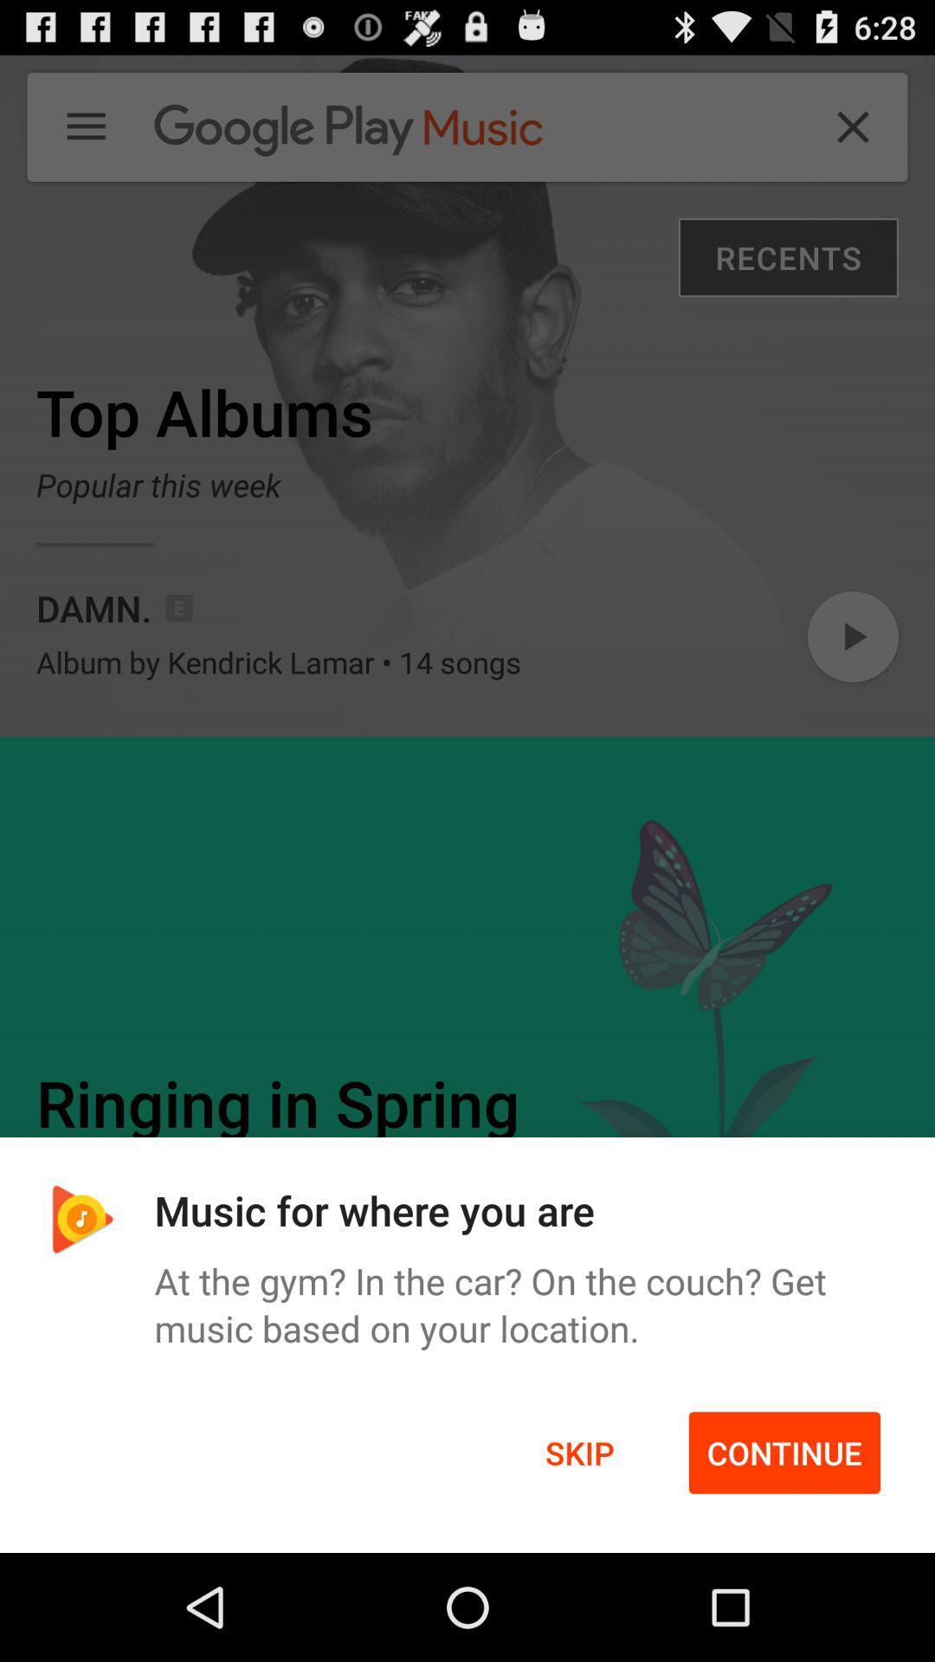 The height and width of the screenshot is (1662, 935). Describe the element at coordinates (579, 1453) in the screenshot. I see `skip item` at that location.